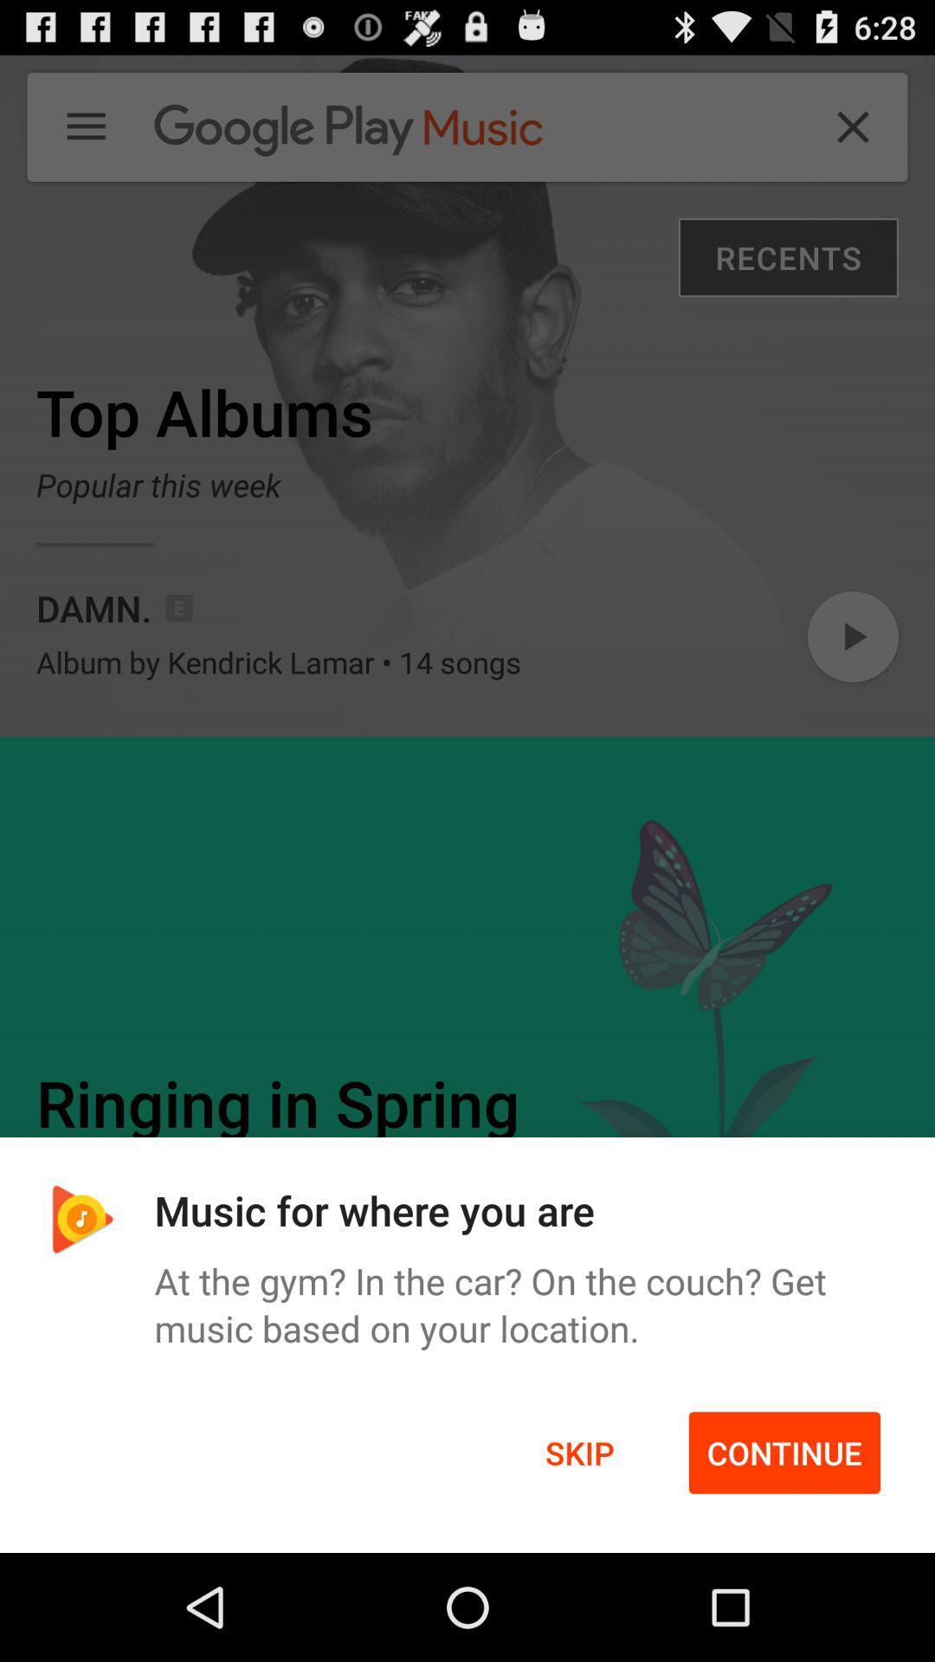 The height and width of the screenshot is (1662, 935). Describe the element at coordinates (579, 1453) in the screenshot. I see `skip item` at that location.